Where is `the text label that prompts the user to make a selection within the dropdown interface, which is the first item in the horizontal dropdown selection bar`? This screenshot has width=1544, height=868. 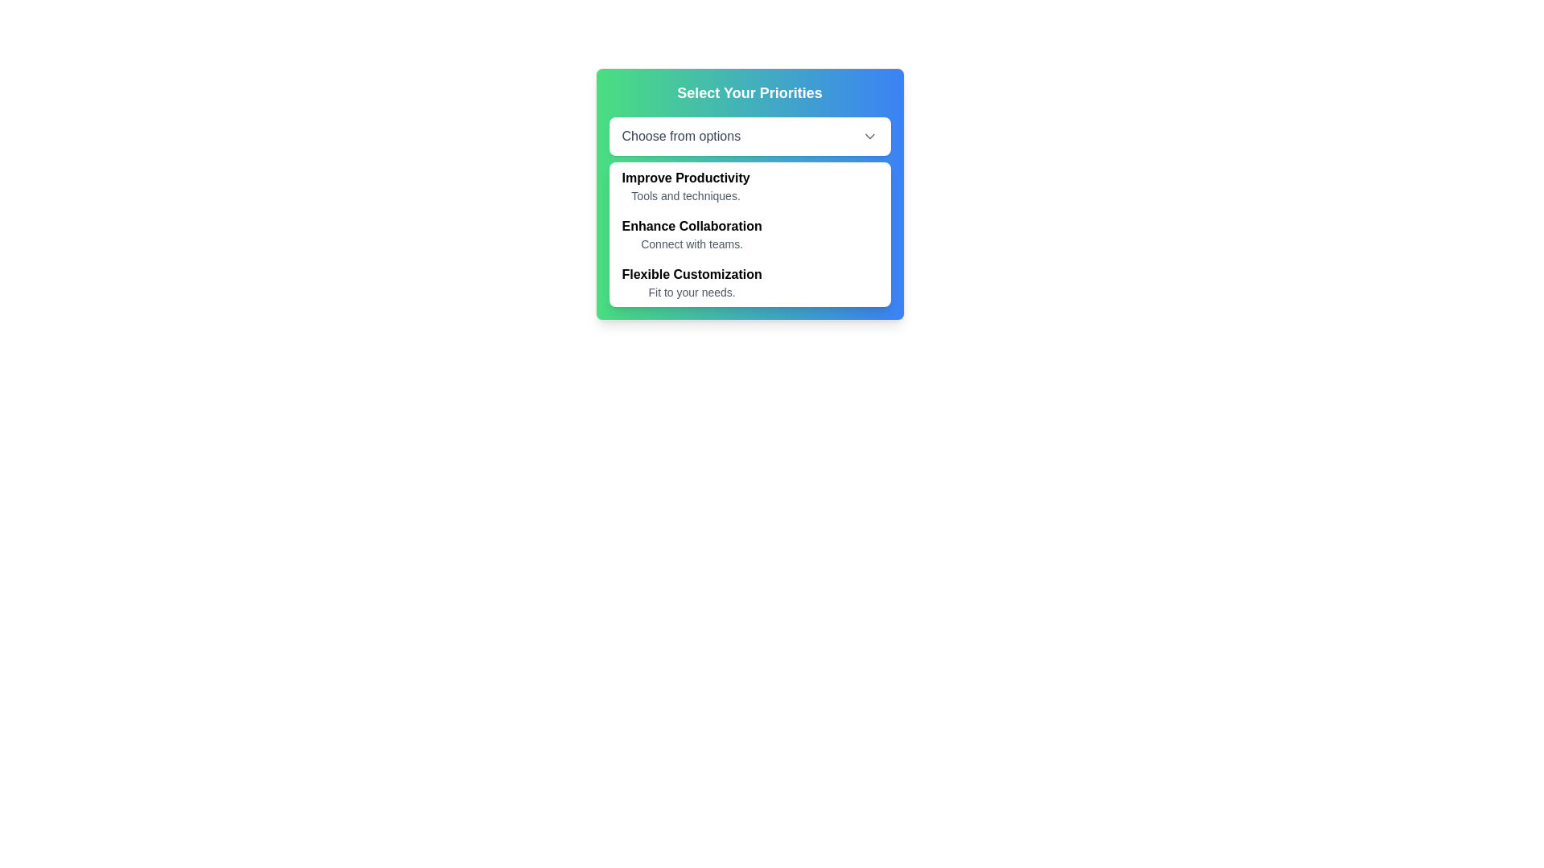
the text label that prompts the user to make a selection within the dropdown interface, which is the first item in the horizontal dropdown selection bar is located at coordinates (681, 135).